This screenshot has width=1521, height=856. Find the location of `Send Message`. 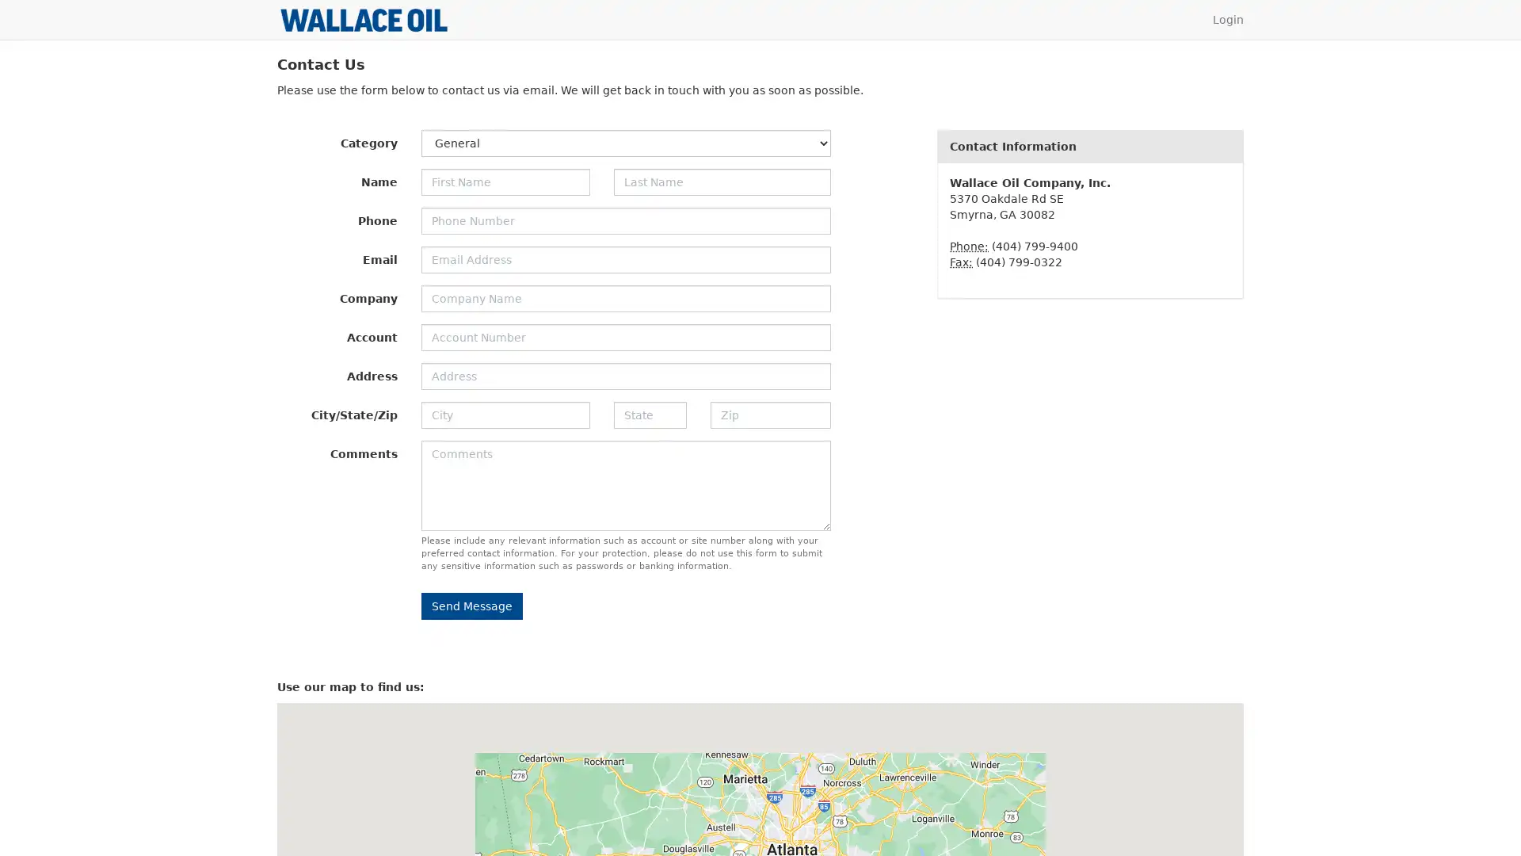

Send Message is located at coordinates (471, 606).